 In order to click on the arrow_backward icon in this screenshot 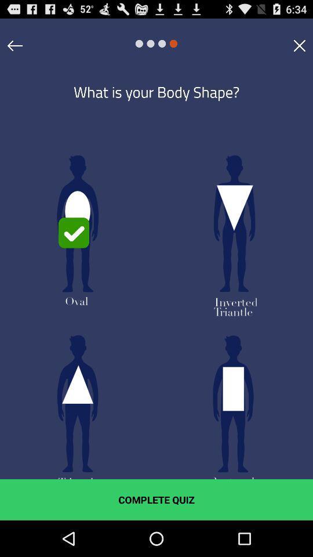, I will do `click(14, 49)`.